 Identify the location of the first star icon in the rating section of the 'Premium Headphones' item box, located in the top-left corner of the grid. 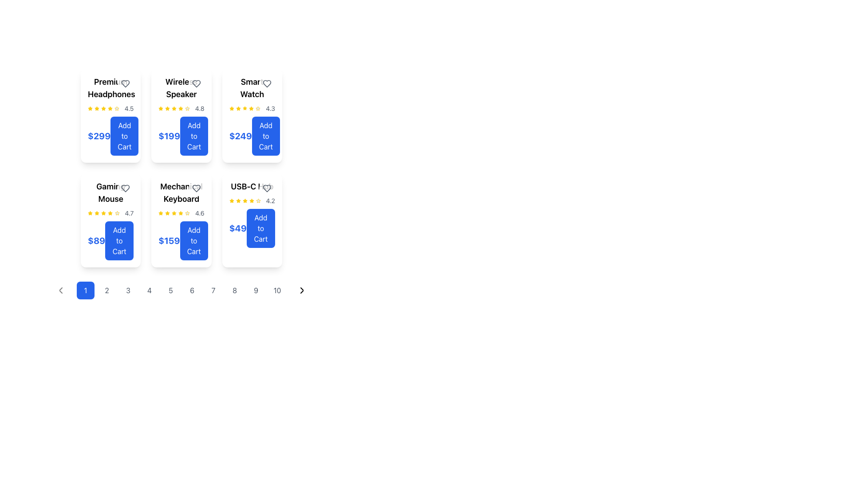
(90, 108).